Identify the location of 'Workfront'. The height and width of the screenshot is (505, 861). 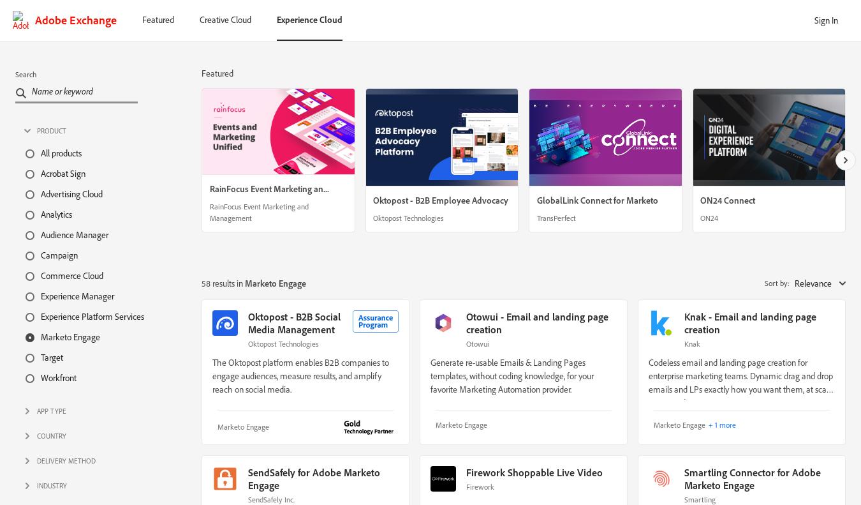
(40, 377).